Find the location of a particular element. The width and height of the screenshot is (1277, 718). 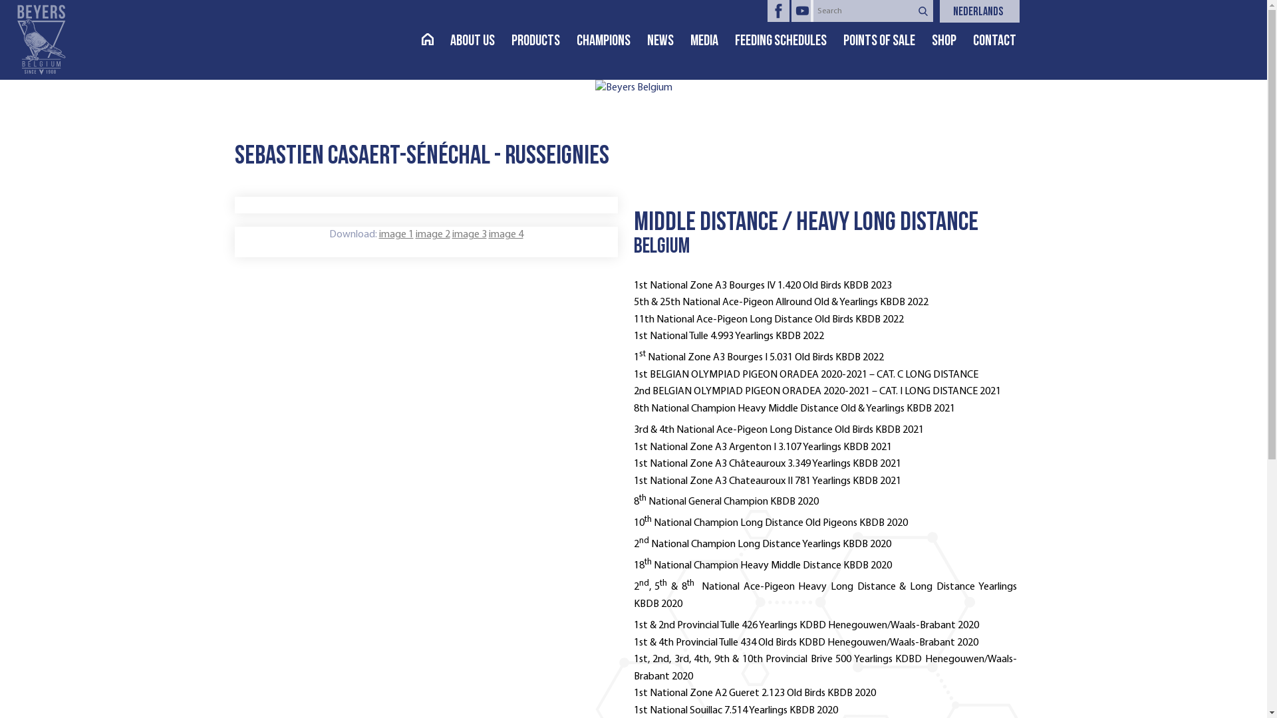

'SHOP' is located at coordinates (950, 41).